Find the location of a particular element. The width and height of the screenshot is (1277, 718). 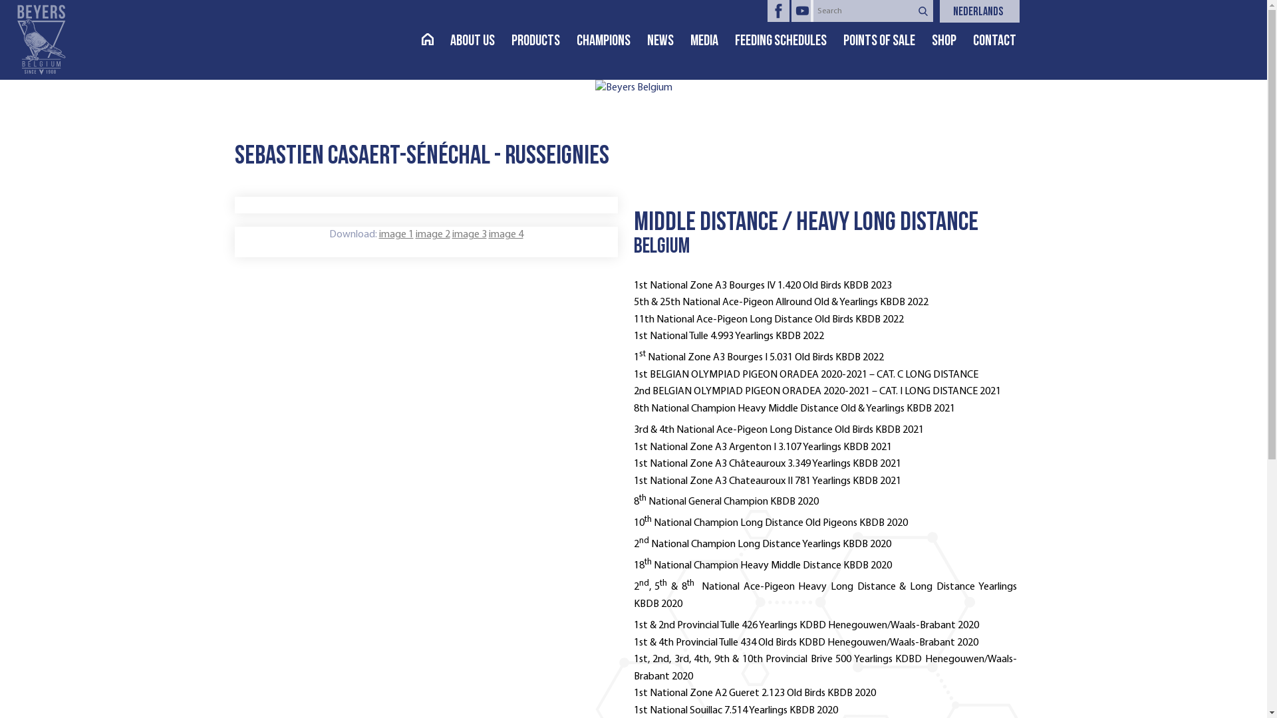

'SHOP' is located at coordinates (950, 41).